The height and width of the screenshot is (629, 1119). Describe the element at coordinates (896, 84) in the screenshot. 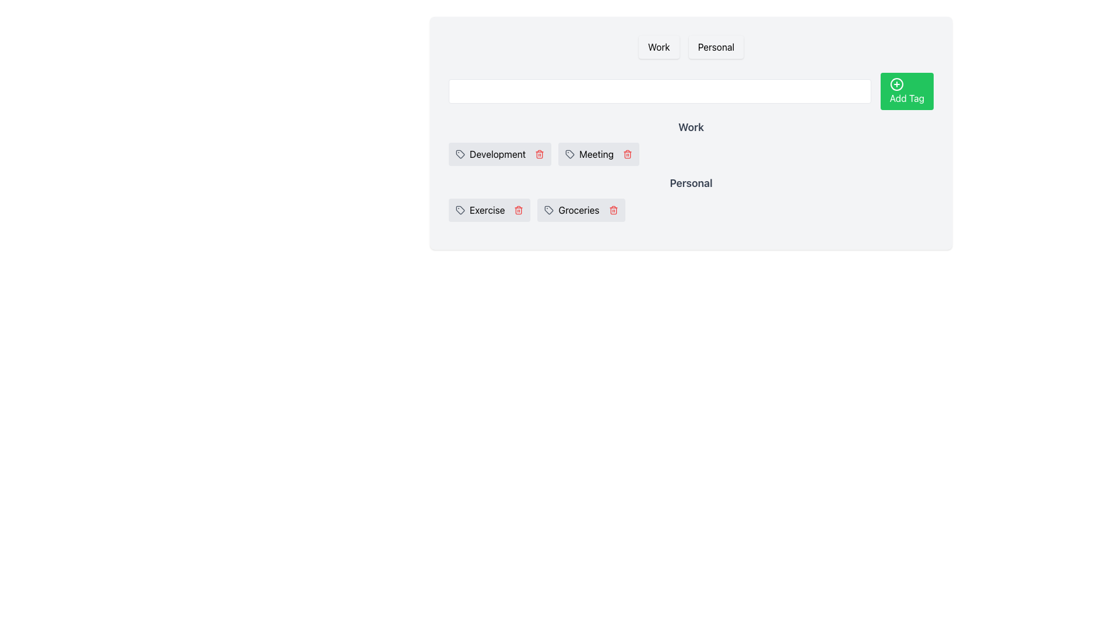

I see `the circular green icon with a white outlined plus sign located to the left of the 'Add Tag' text for visual feedback` at that location.